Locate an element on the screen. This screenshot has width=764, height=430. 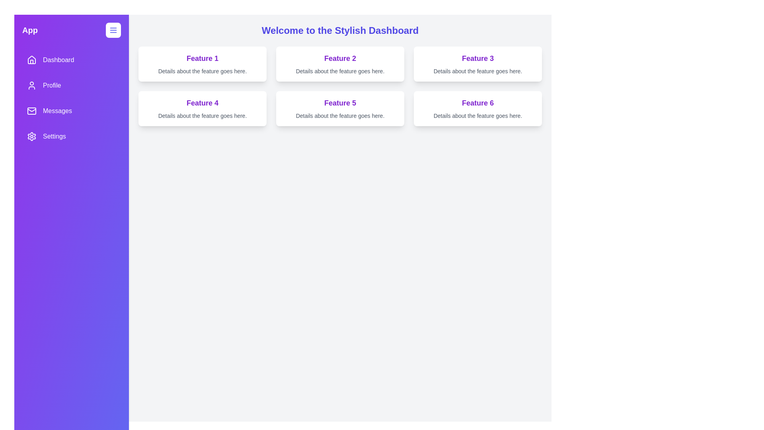
the text element reading 'Details about the feature goes here.' which is styled with a smaller gray font and located below the header 'Feature 5' in a white rounded card layout is located at coordinates (340, 115).